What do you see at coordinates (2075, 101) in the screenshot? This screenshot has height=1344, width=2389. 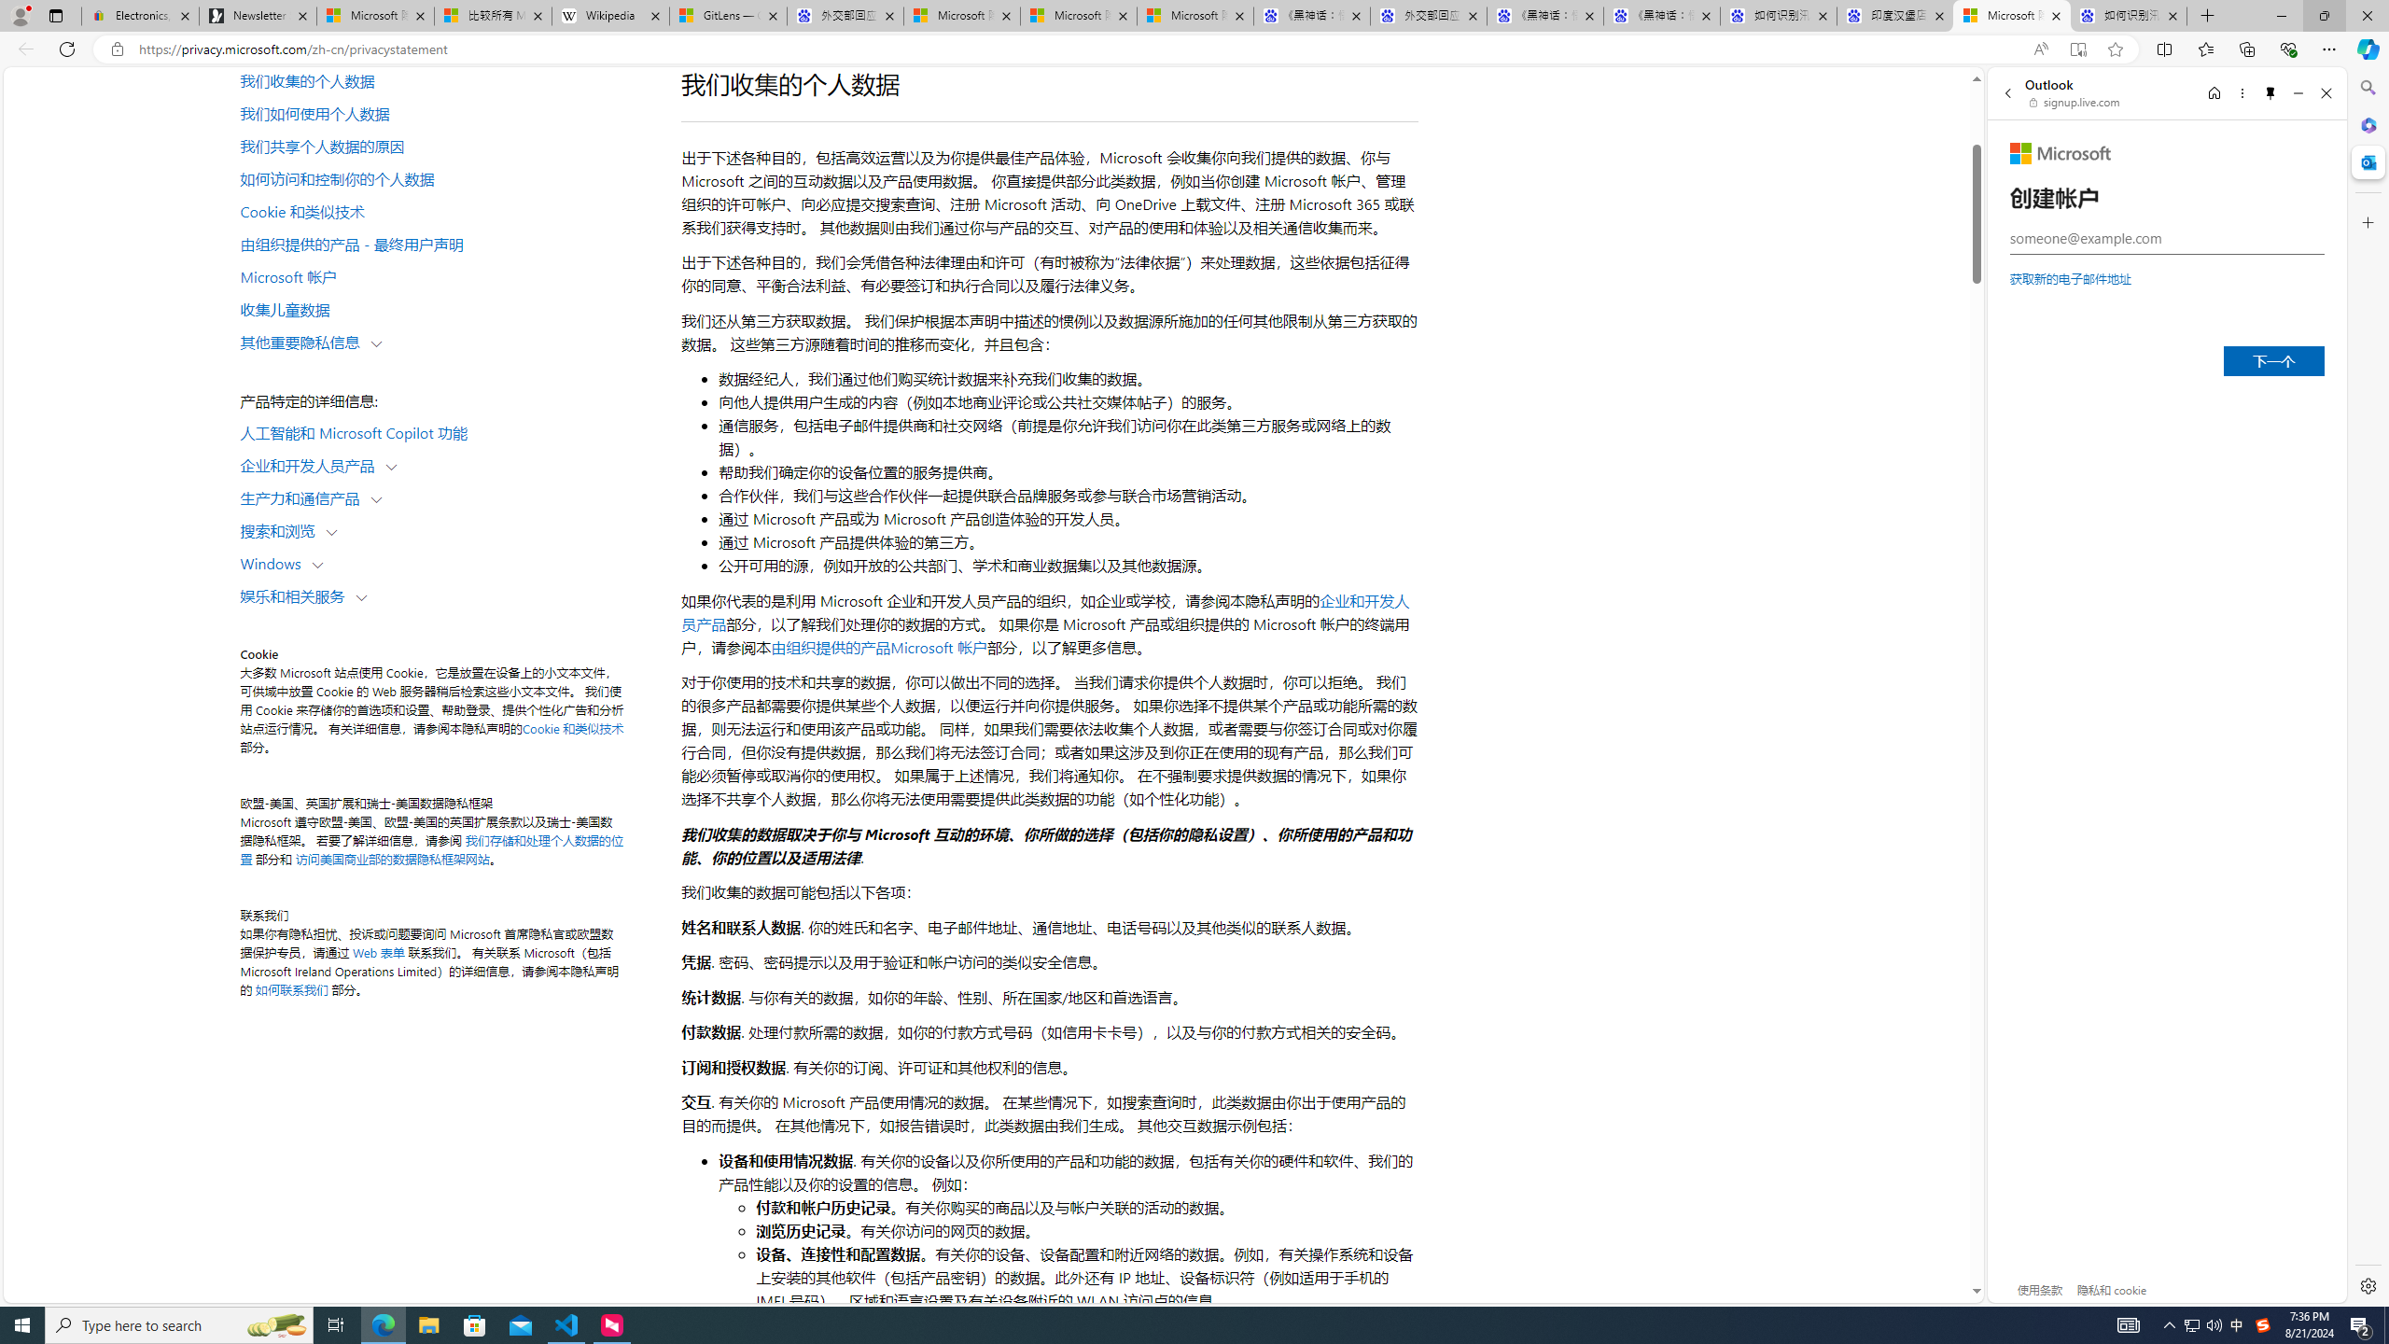 I see `'signup.live.com'` at bounding box center [2075, 101].